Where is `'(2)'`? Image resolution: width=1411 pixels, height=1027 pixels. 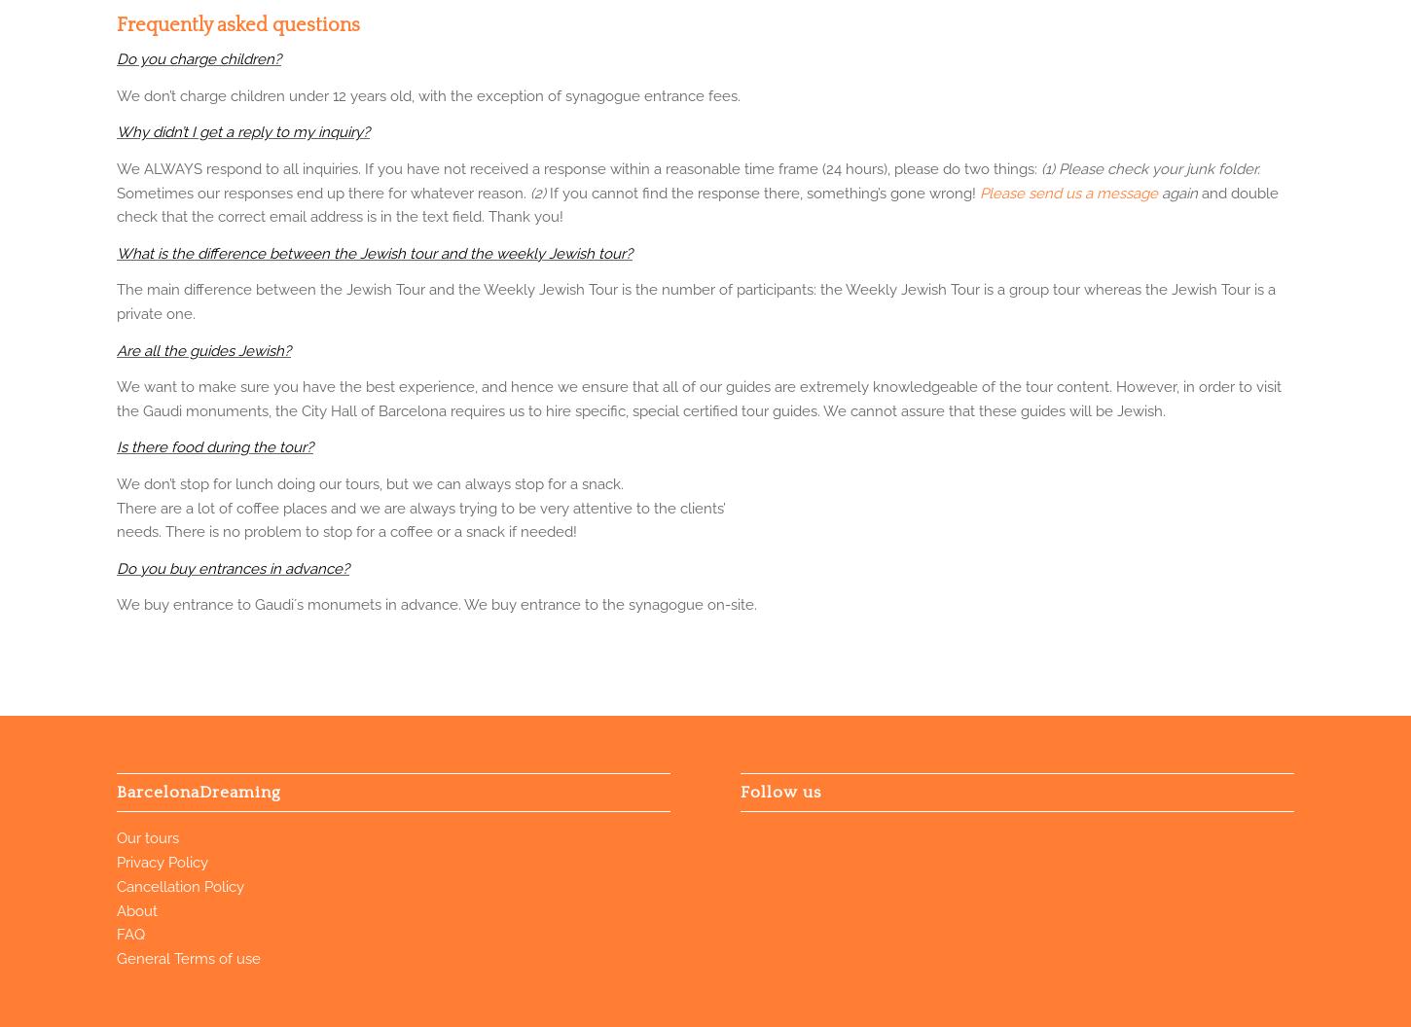 '(2)' is located at coordinates (538, 193).